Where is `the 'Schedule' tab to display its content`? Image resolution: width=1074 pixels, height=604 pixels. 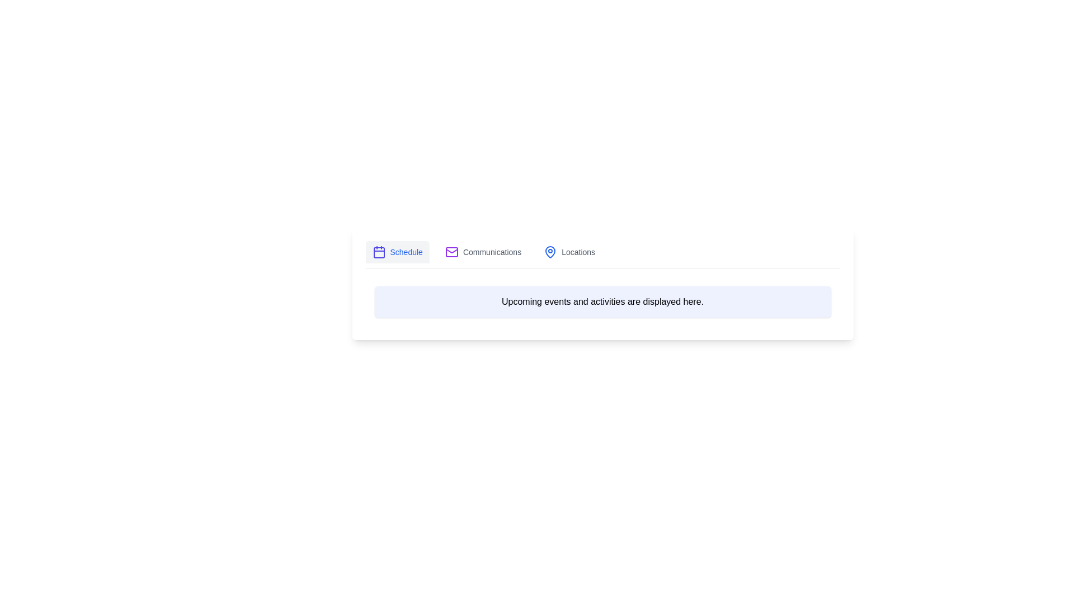
the 'Schedule' tab to display its content is located at coordinates (397, 252).